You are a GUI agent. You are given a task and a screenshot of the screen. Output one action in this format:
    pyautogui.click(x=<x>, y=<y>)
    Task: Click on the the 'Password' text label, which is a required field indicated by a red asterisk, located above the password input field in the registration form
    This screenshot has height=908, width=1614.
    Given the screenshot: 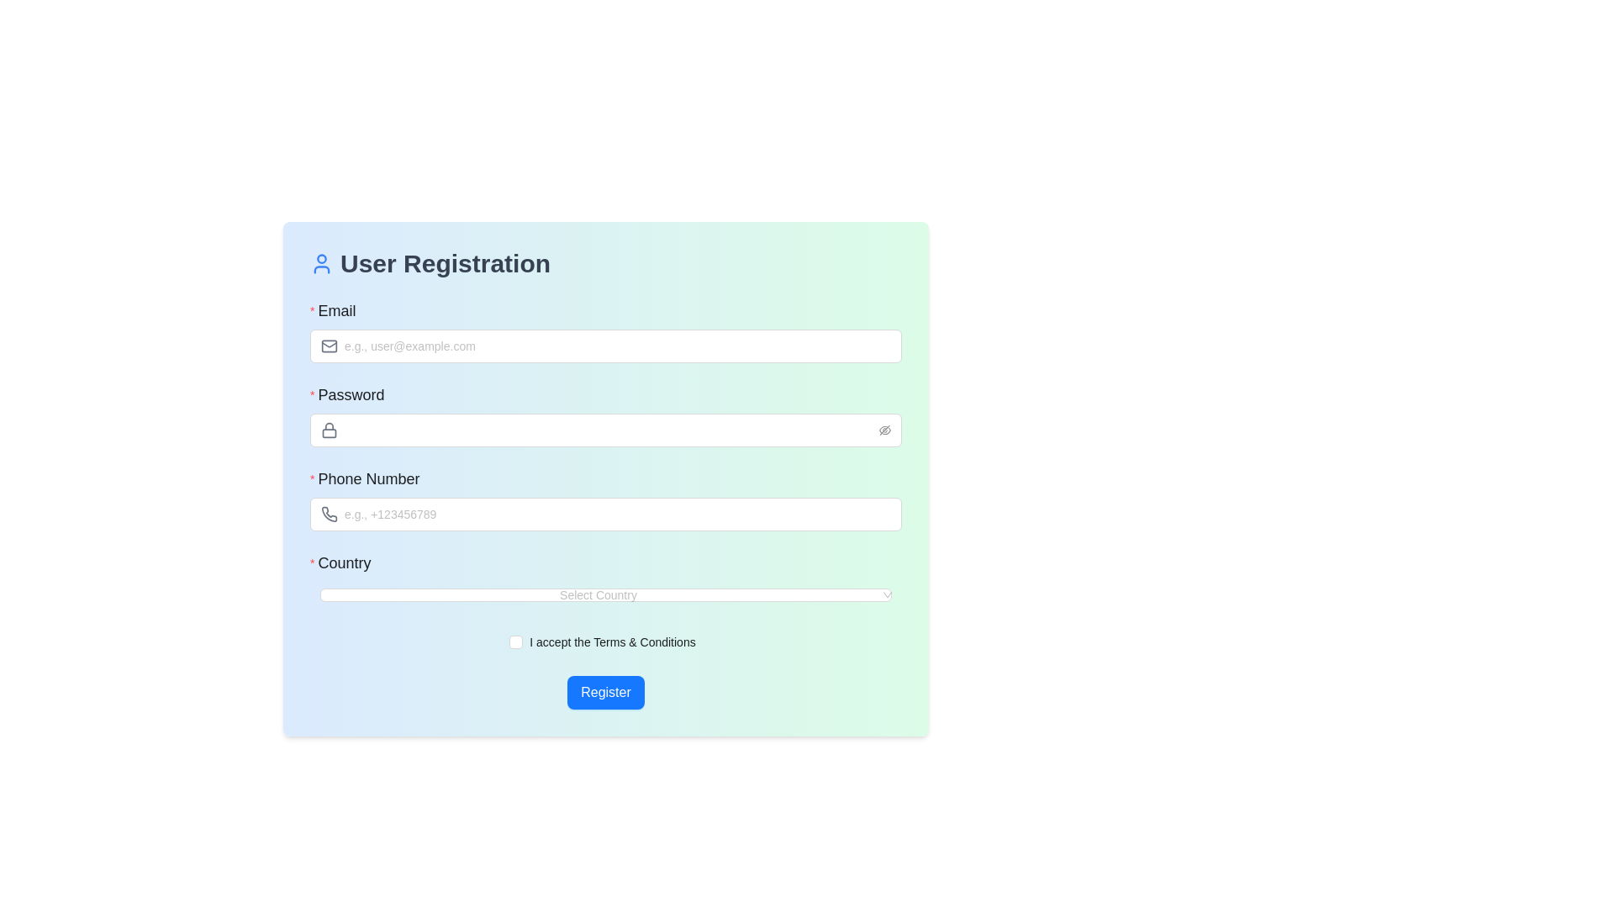 What is the action you would take?
    pyautogui.click(x=352, y=395)
    